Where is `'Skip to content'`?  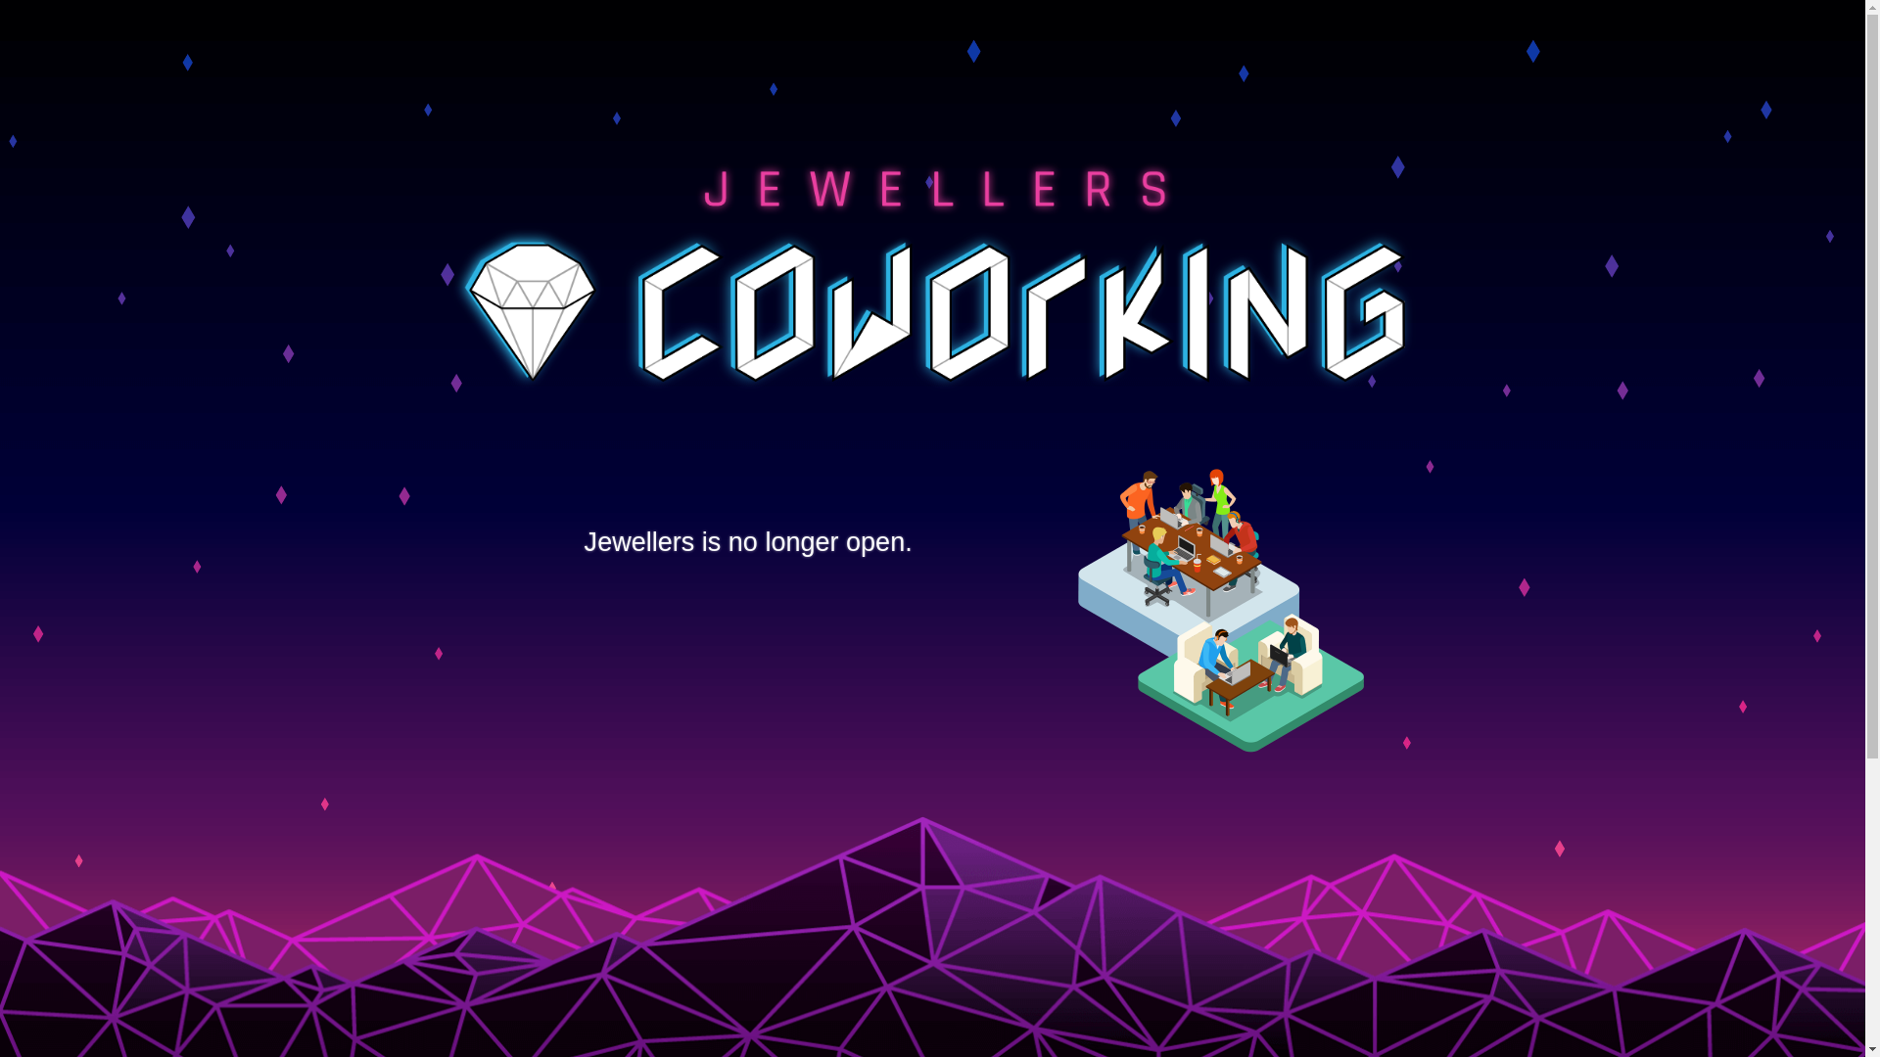
'Skip to content' is located at coordinates (0, 0).